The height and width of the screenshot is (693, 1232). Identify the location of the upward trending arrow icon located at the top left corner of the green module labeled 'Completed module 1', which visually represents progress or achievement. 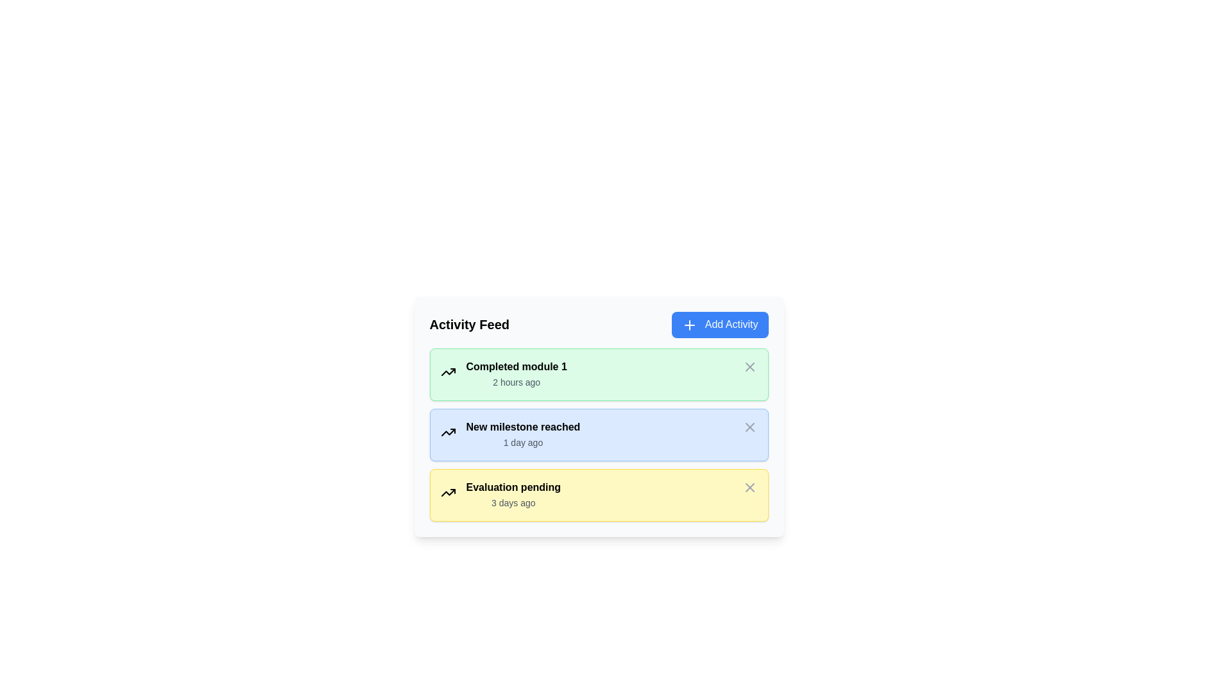
(448, 372).